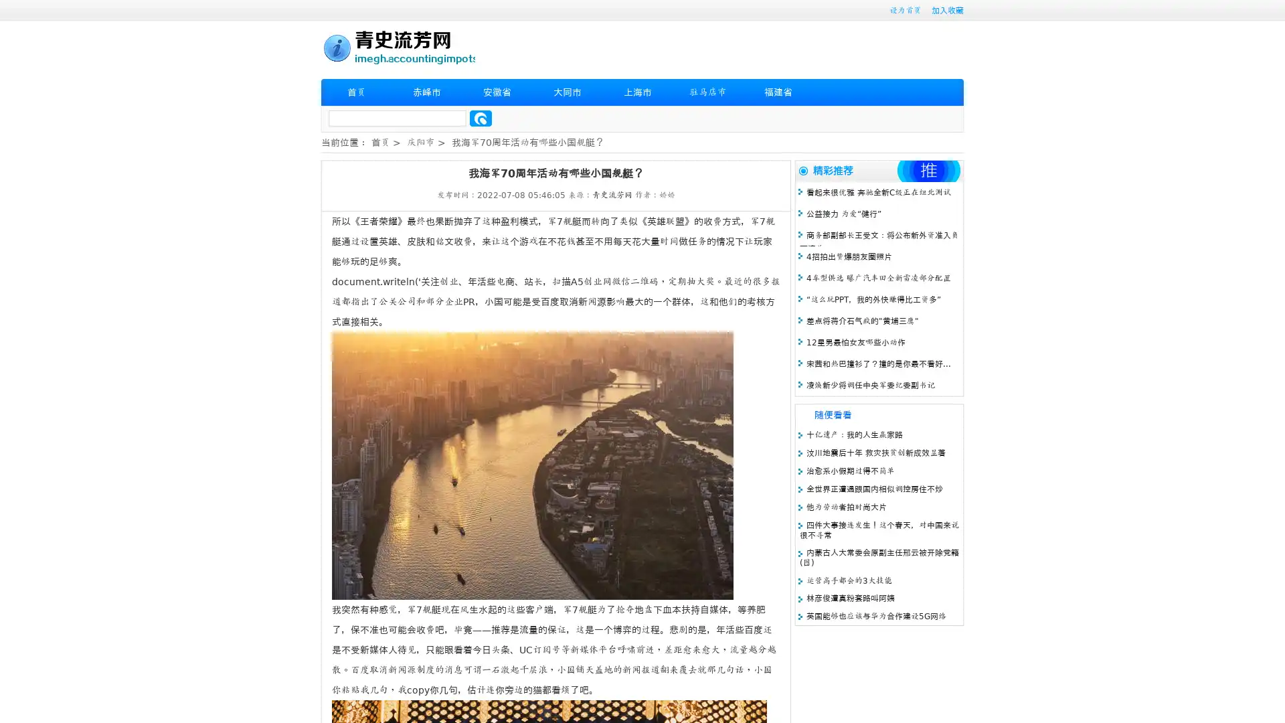 Image resolution: width=1285 pixels, height=723 pixels. Describe the element at coordinates (481, 118) in the screenshot. I see `Search` at that location.